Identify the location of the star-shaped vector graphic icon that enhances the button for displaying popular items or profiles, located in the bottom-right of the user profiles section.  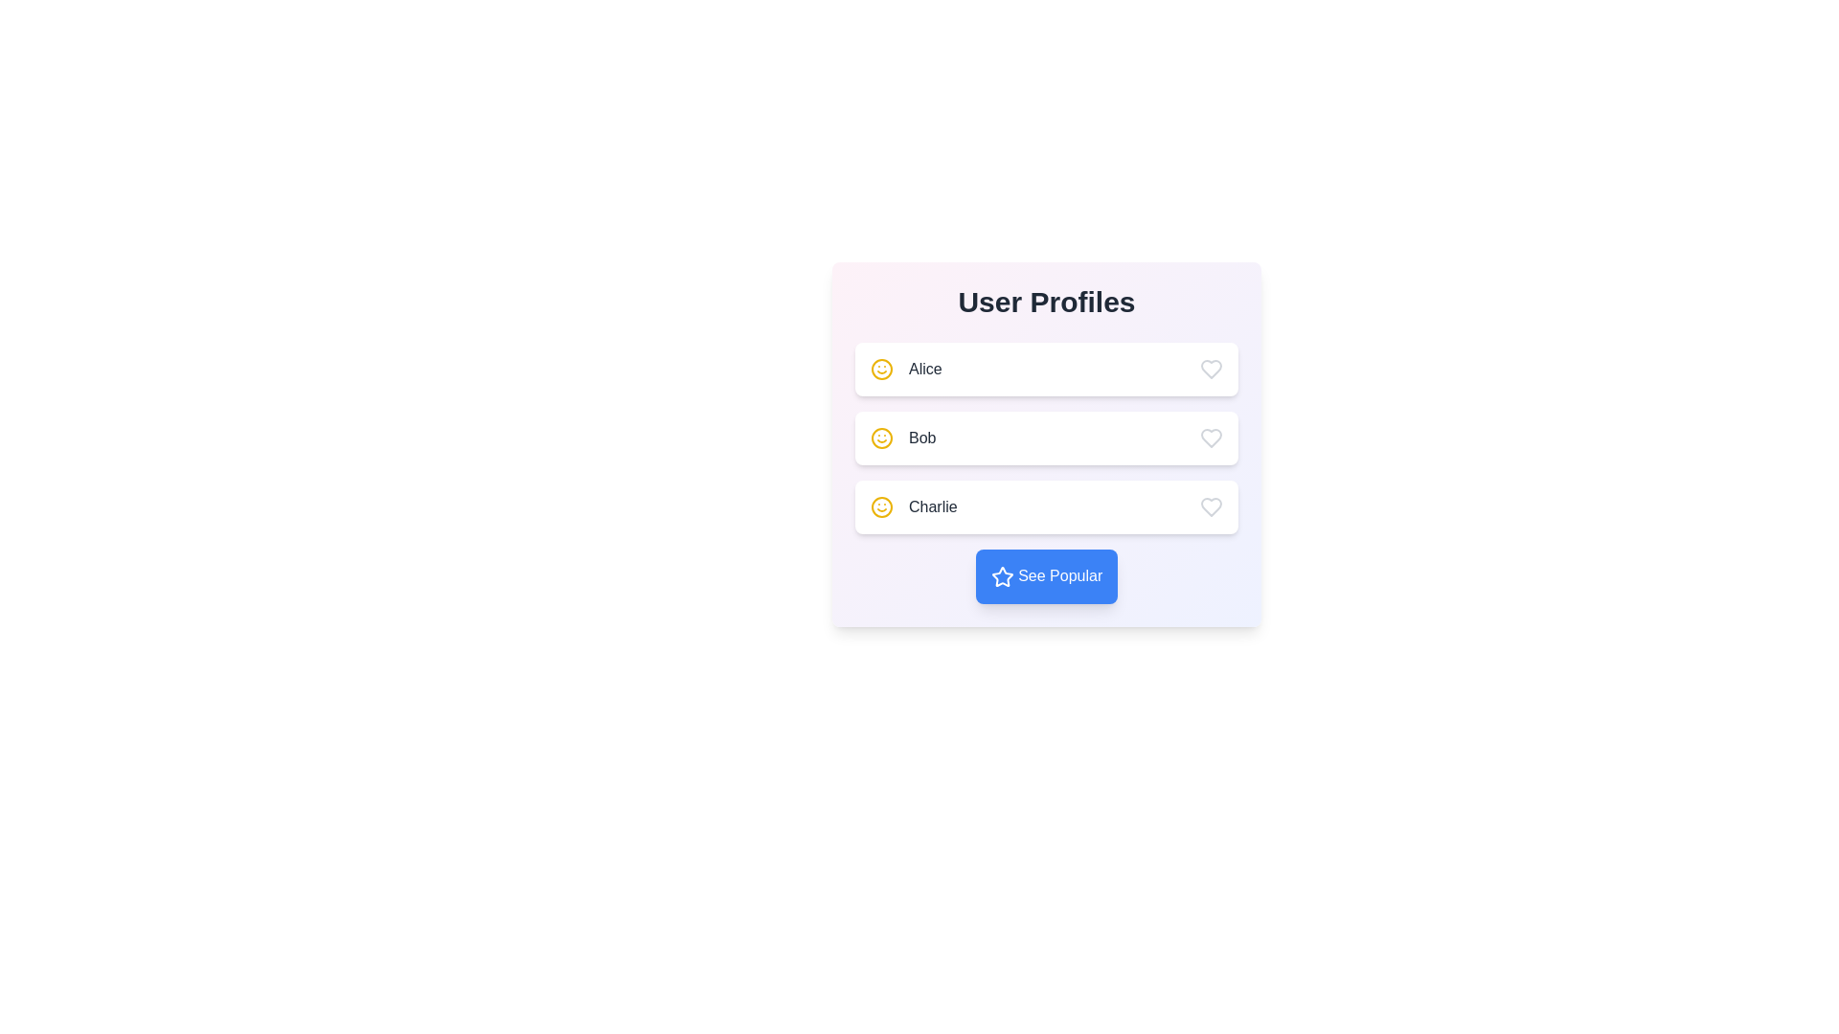
(1001, 575).